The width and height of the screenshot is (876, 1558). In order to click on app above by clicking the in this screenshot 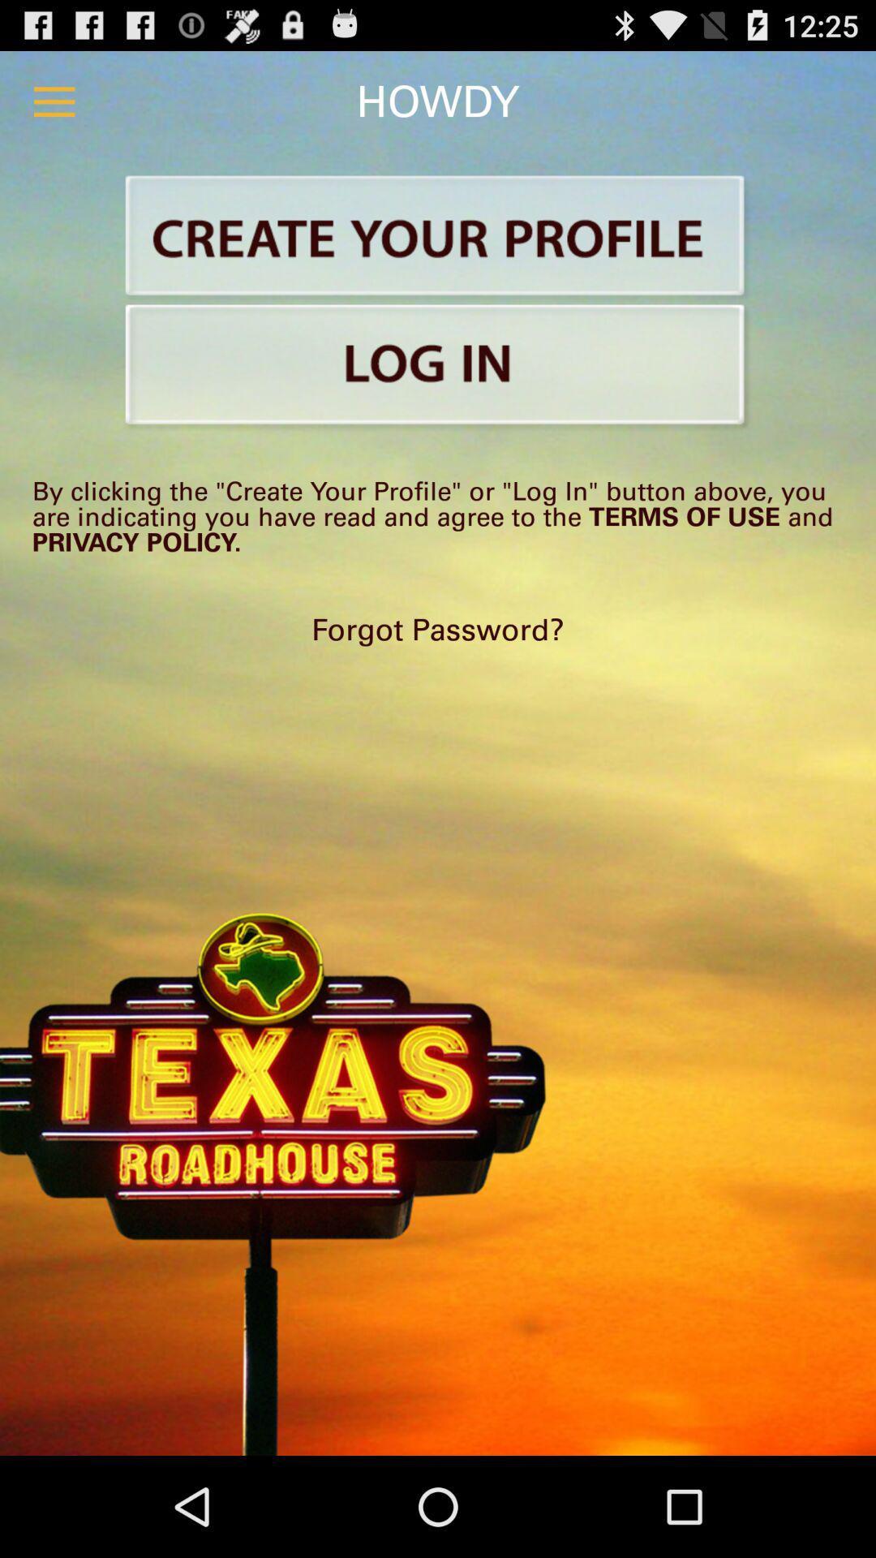, I will do `click(438, 367)`.